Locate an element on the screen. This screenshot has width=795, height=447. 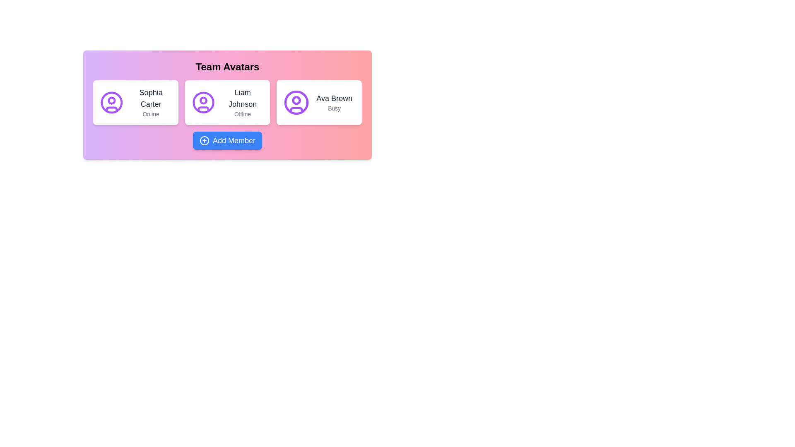
the 'Add Member' button located below the avatars of Sophia Carter, Liam Johnson, and Ava Brown in the 'Team Avatars' section to change its background to a darker blue is located at coordinates (227, 140).